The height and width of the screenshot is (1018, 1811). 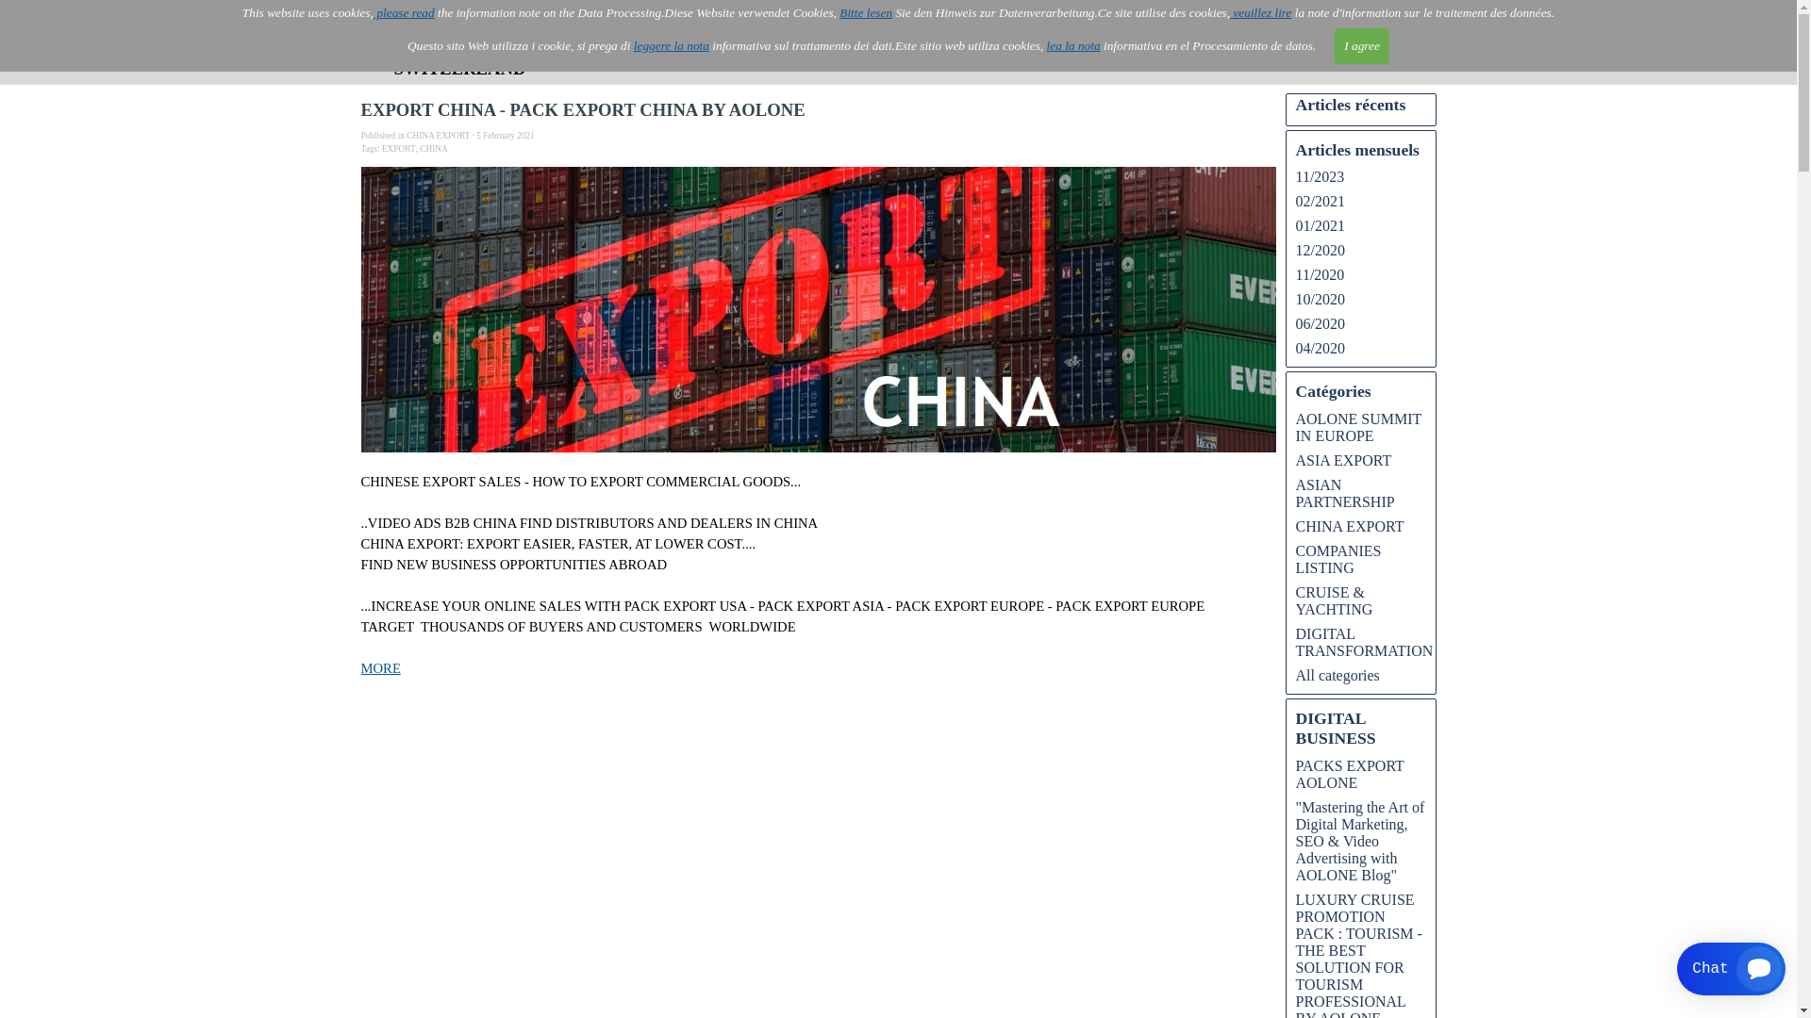 I want to click on '10/2020', so click(x=1320, y=298).